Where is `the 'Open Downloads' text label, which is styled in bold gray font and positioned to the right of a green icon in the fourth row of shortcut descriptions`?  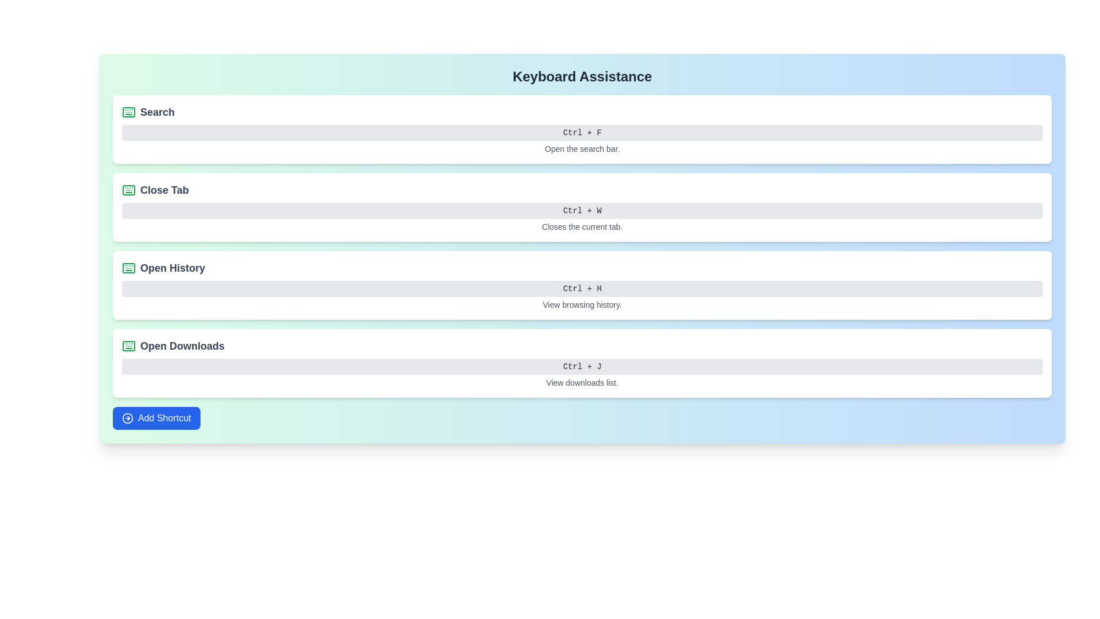
the 'Open Downloads' text label, which is styled in bold gray font and positioned to the right of a green icon in the fourth row of shortcut descriptions is located at coordinates (182, 346).